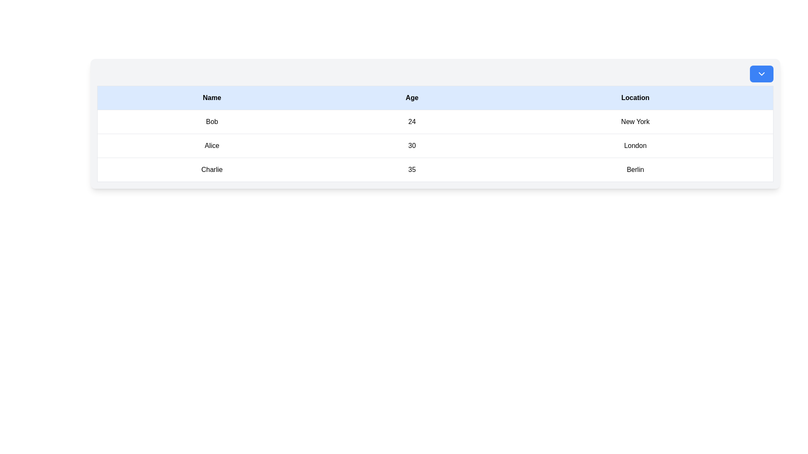  Describe the element at coordinates (412, 121) in the screenshot. I see `the text element displaying the age '24' associated with 'Bob' in the Age column` at that location.